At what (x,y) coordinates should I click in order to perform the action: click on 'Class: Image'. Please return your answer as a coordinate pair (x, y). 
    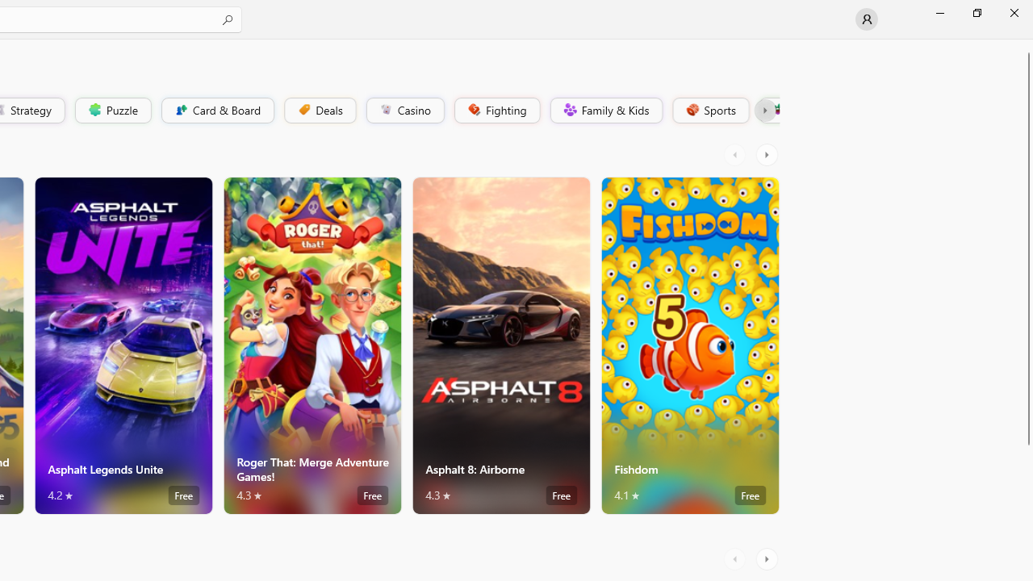
    Looking at the image, I should click on (776, 109).